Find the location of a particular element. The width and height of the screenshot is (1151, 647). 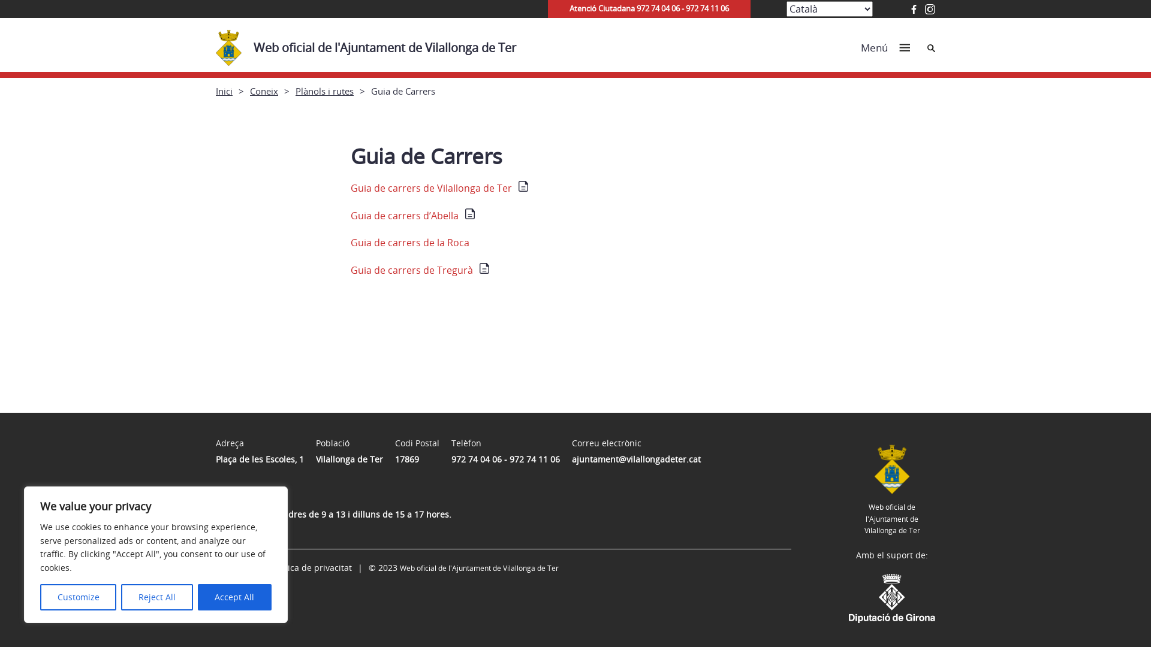

'Cerca' is located at coordinates (930, 47).